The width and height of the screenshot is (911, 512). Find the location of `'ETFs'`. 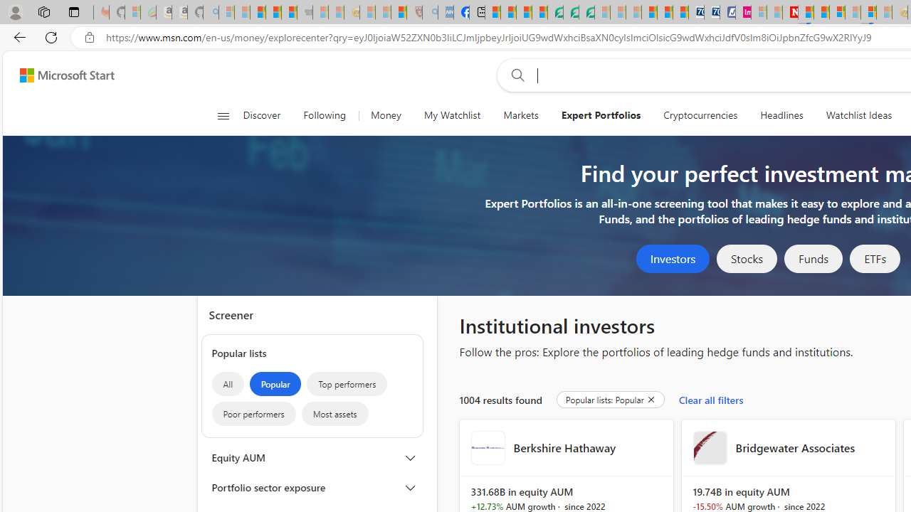

'ETFs' is located at coordinates (875, 258).